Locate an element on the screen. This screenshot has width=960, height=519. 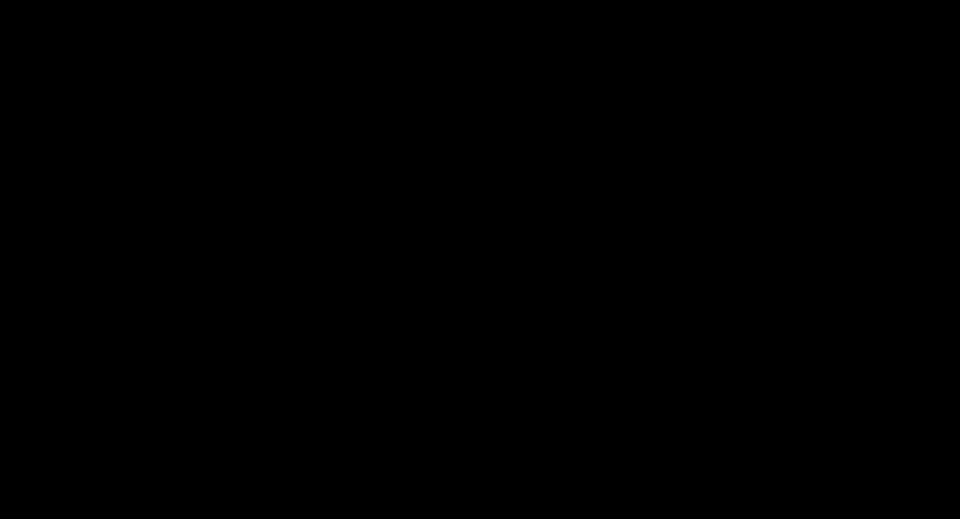
', but as you can see, we were pretty close...' is located at coordinates (485, 101).